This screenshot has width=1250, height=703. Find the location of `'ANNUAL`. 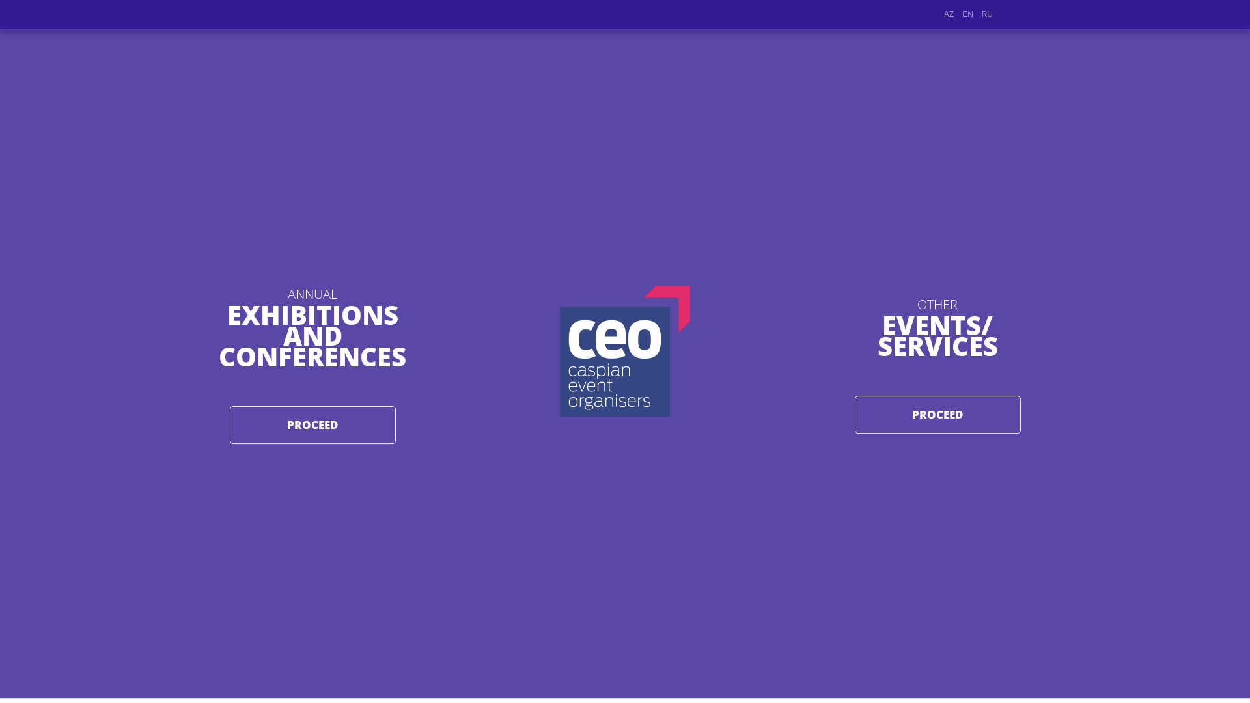

'ANNUAL is located at coordinates (312, 364).